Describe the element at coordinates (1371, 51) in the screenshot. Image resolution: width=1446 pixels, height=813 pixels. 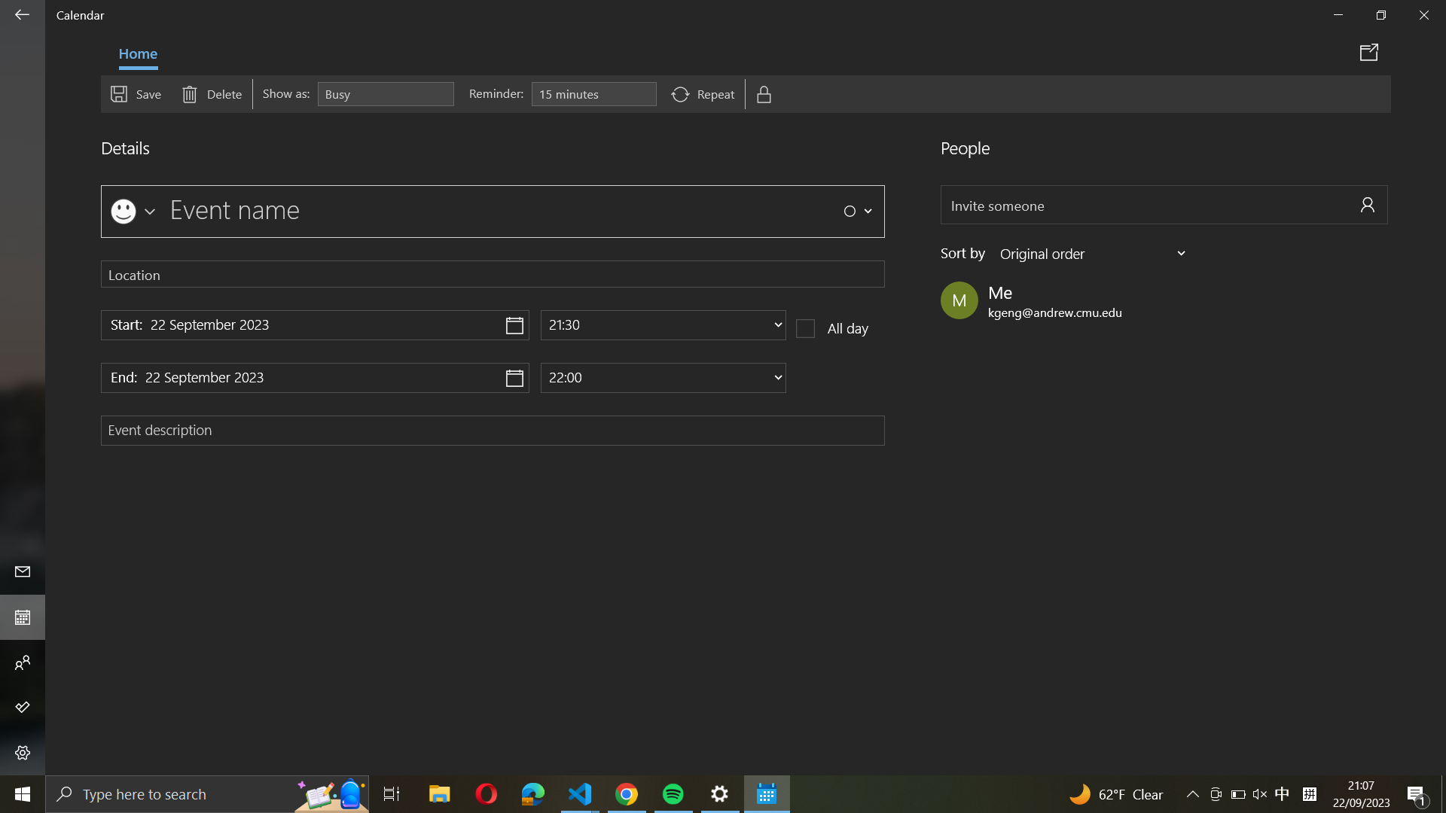
I see `Distribute event details through email` at that location.